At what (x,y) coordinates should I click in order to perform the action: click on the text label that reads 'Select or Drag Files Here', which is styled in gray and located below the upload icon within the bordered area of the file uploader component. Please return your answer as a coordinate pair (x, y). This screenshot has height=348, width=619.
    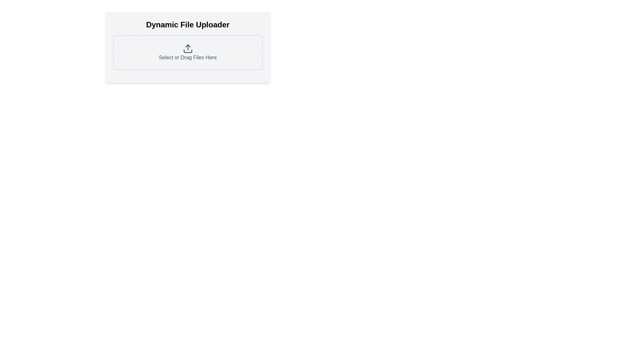
    Looking at the image, I should click on (187, 57).